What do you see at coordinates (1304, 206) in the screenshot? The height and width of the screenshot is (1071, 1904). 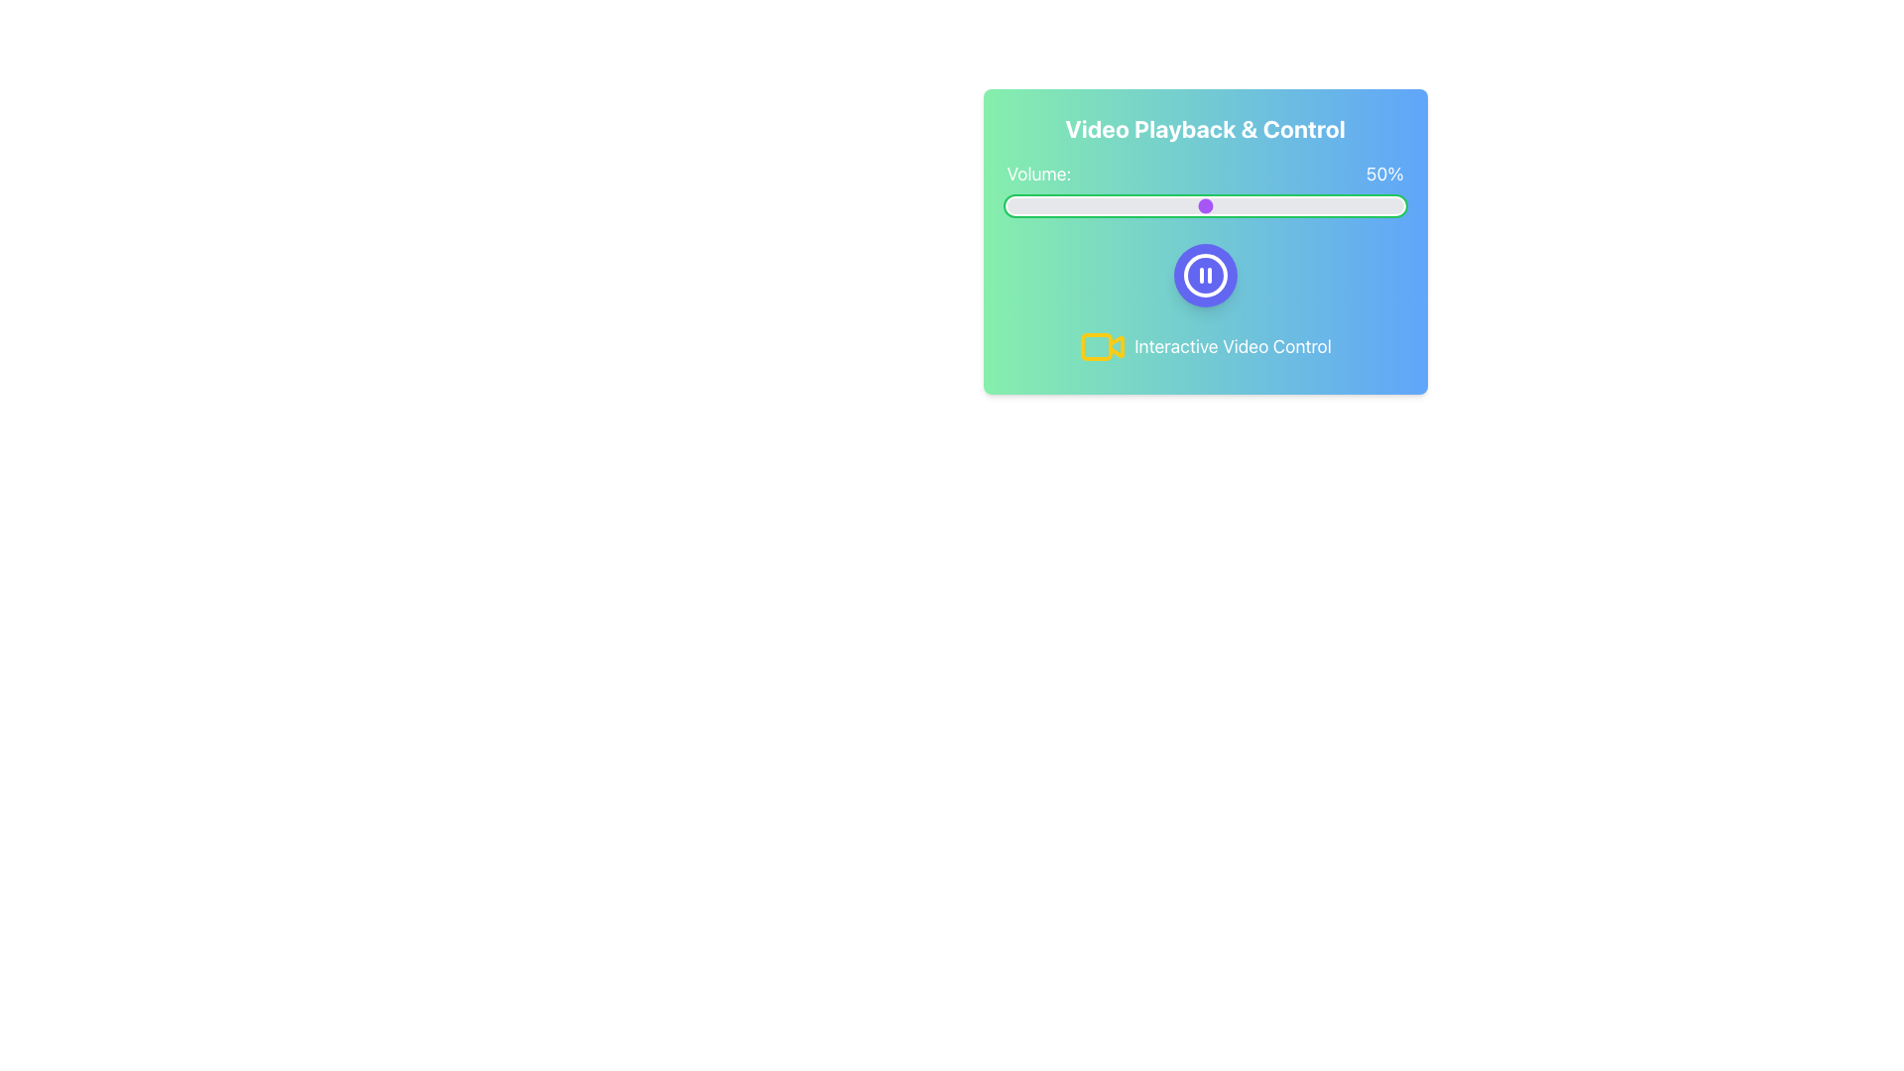 I see `the volume` at bounding box center [1304, 206].